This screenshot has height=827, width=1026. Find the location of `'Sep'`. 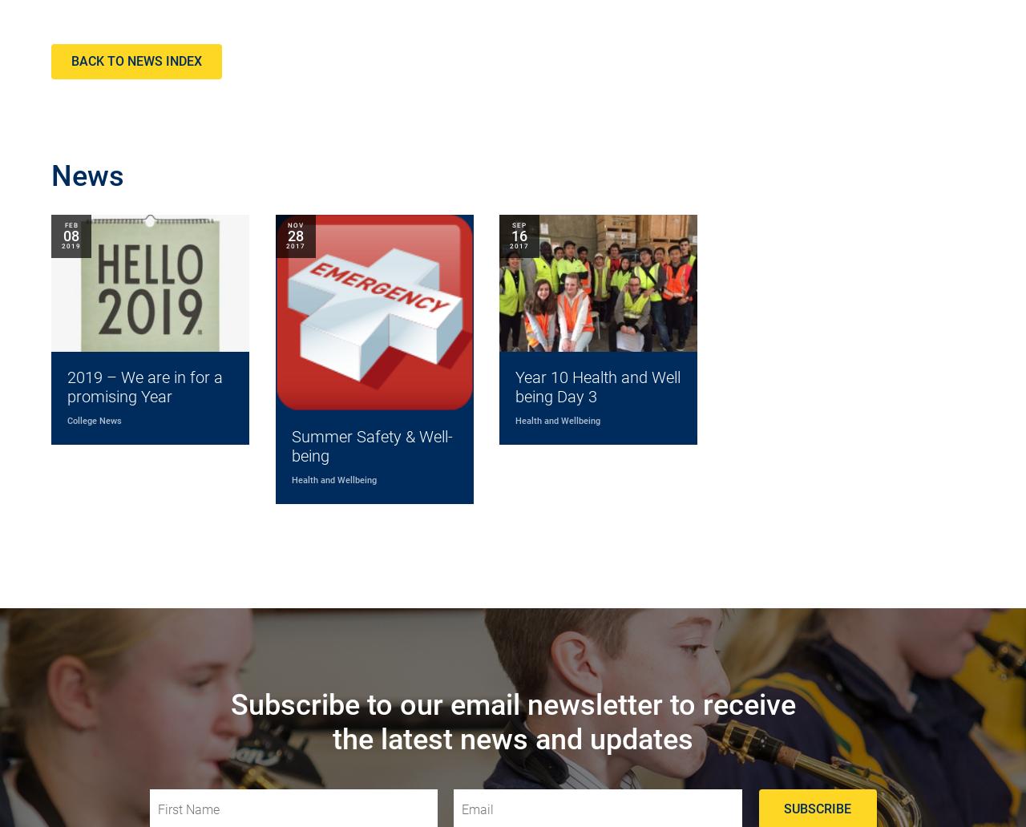

'Sep' is located at coordinates (511, 224).